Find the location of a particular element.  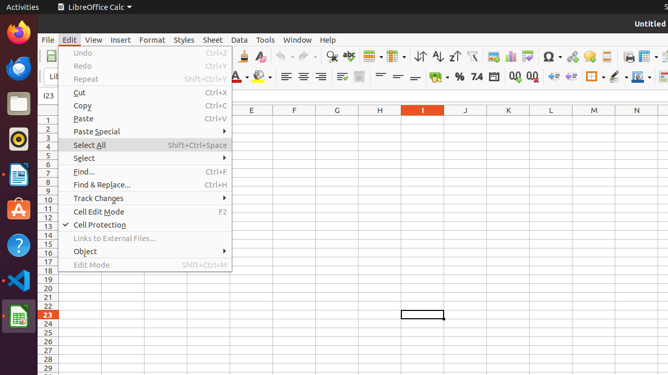

'Image' is located at coordinates (493, 56).